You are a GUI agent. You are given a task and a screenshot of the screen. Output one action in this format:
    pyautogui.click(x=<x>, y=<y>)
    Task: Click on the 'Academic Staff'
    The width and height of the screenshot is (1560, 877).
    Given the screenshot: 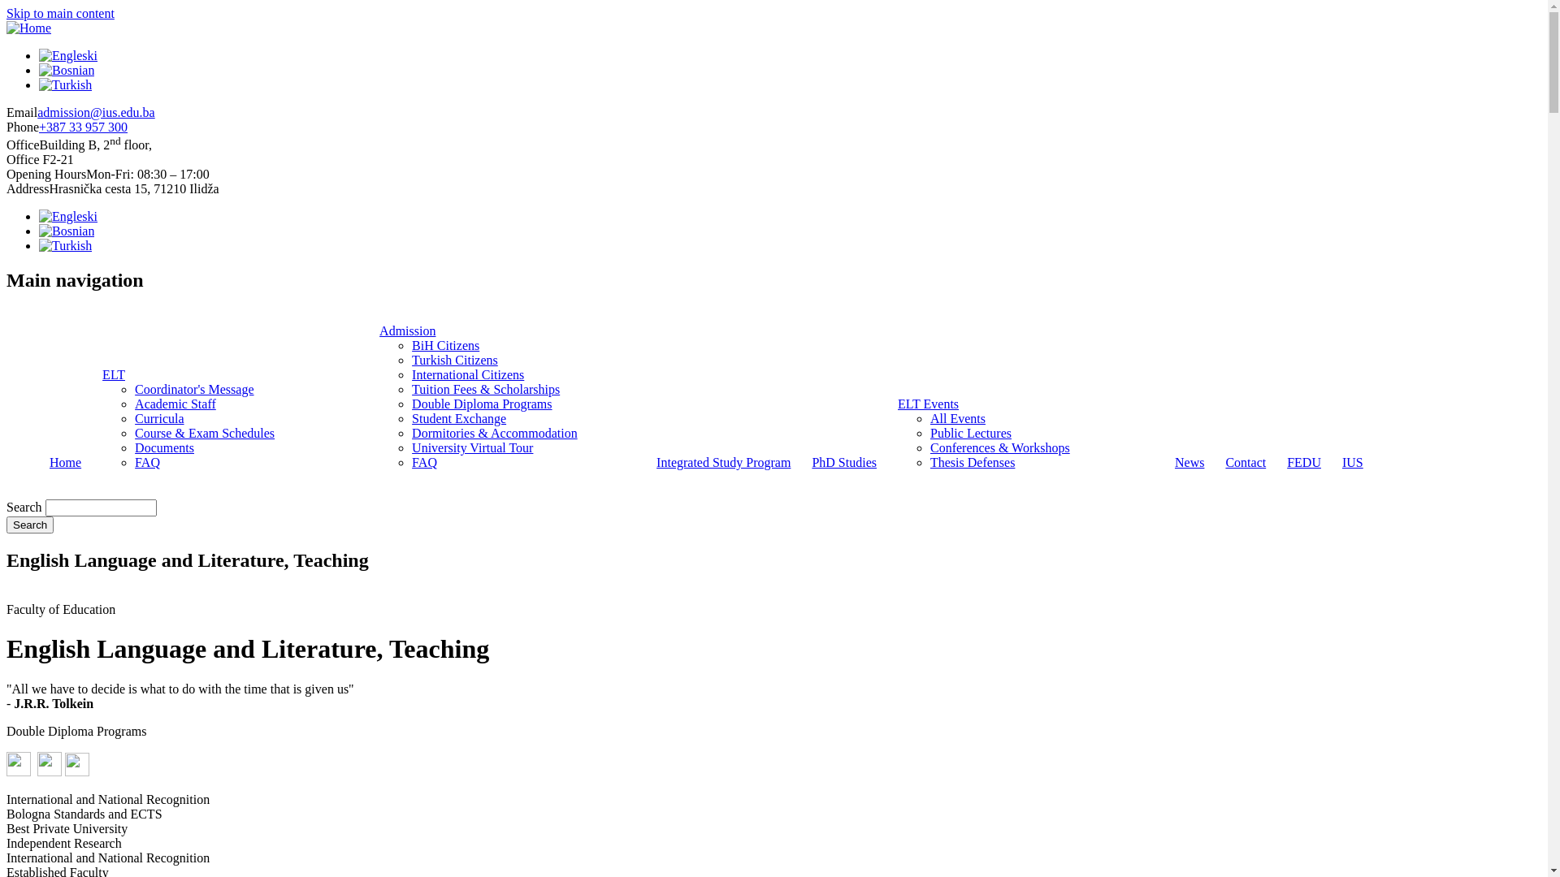 What is the action you would take?
    pyautogui.click(x=175, y=403)
    